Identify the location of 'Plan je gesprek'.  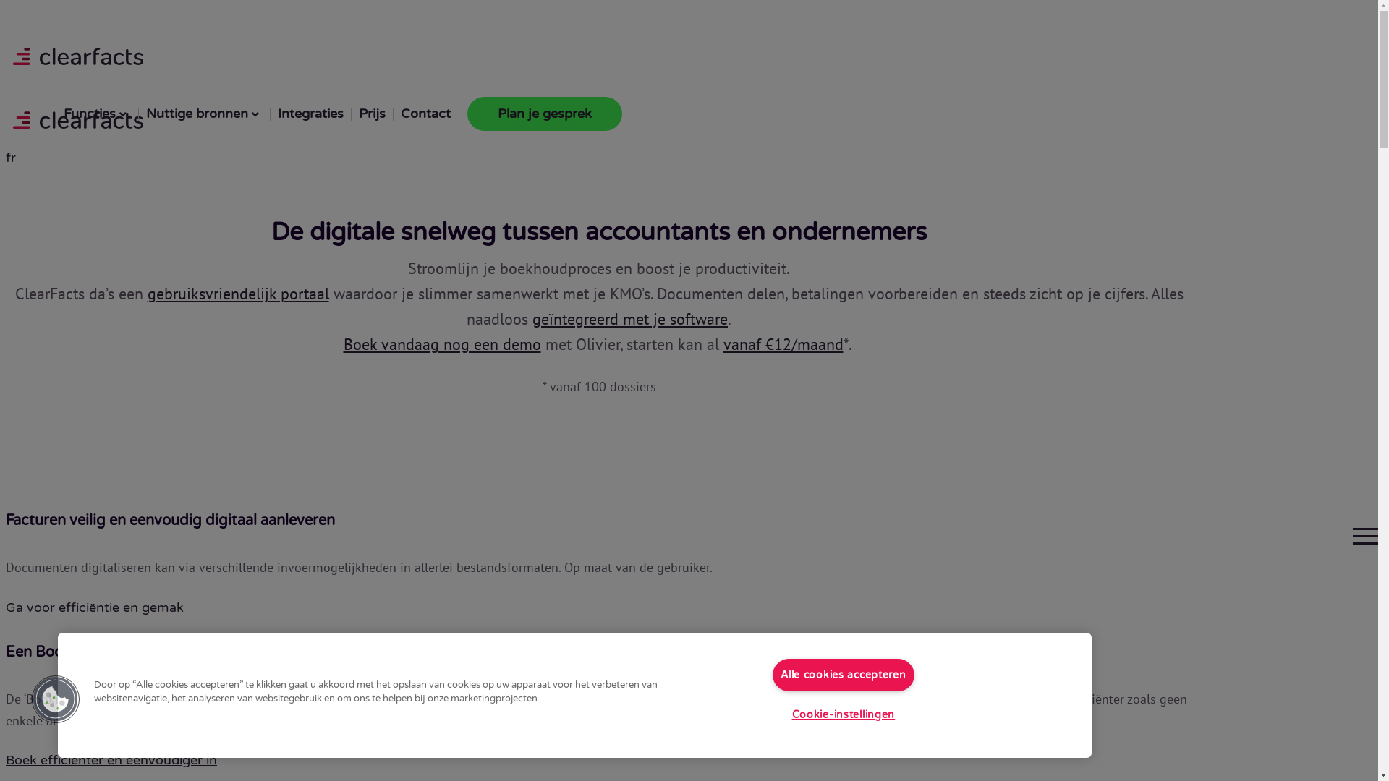
(544, 113).